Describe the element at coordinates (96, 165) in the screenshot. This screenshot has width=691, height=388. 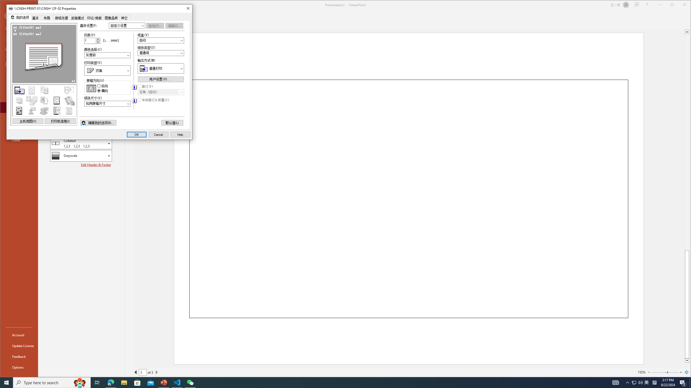
I see `'Edit Header & Footer'` at that location.